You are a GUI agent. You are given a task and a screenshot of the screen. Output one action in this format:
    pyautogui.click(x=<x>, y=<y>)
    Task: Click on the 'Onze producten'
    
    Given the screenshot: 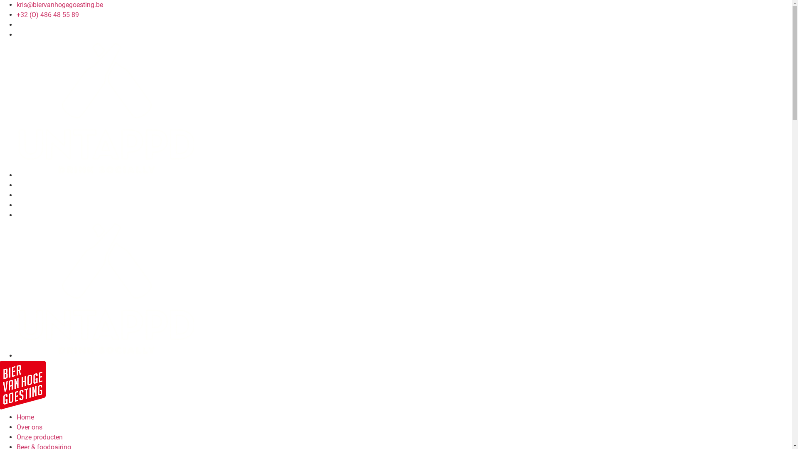 What is the action you would take?
    pyautogui.click(x=16, y=437)
    